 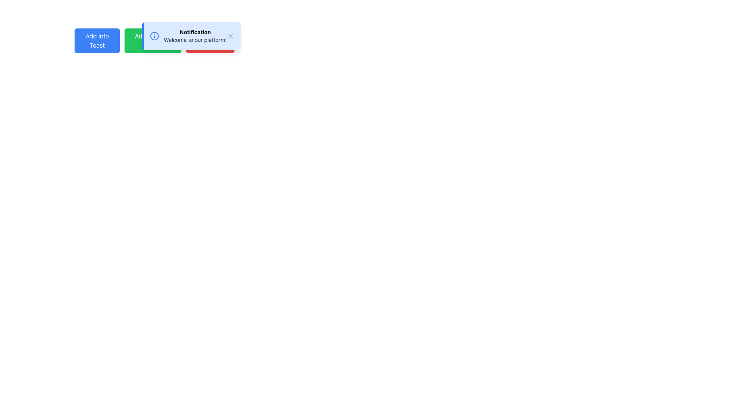 What do you see at coordinates (195, 32) in the screenshot?
I see `the header text label that provides context or indication about the content, located above the 'Welcome to our platform!' text element` at bounding box center [195, 32].